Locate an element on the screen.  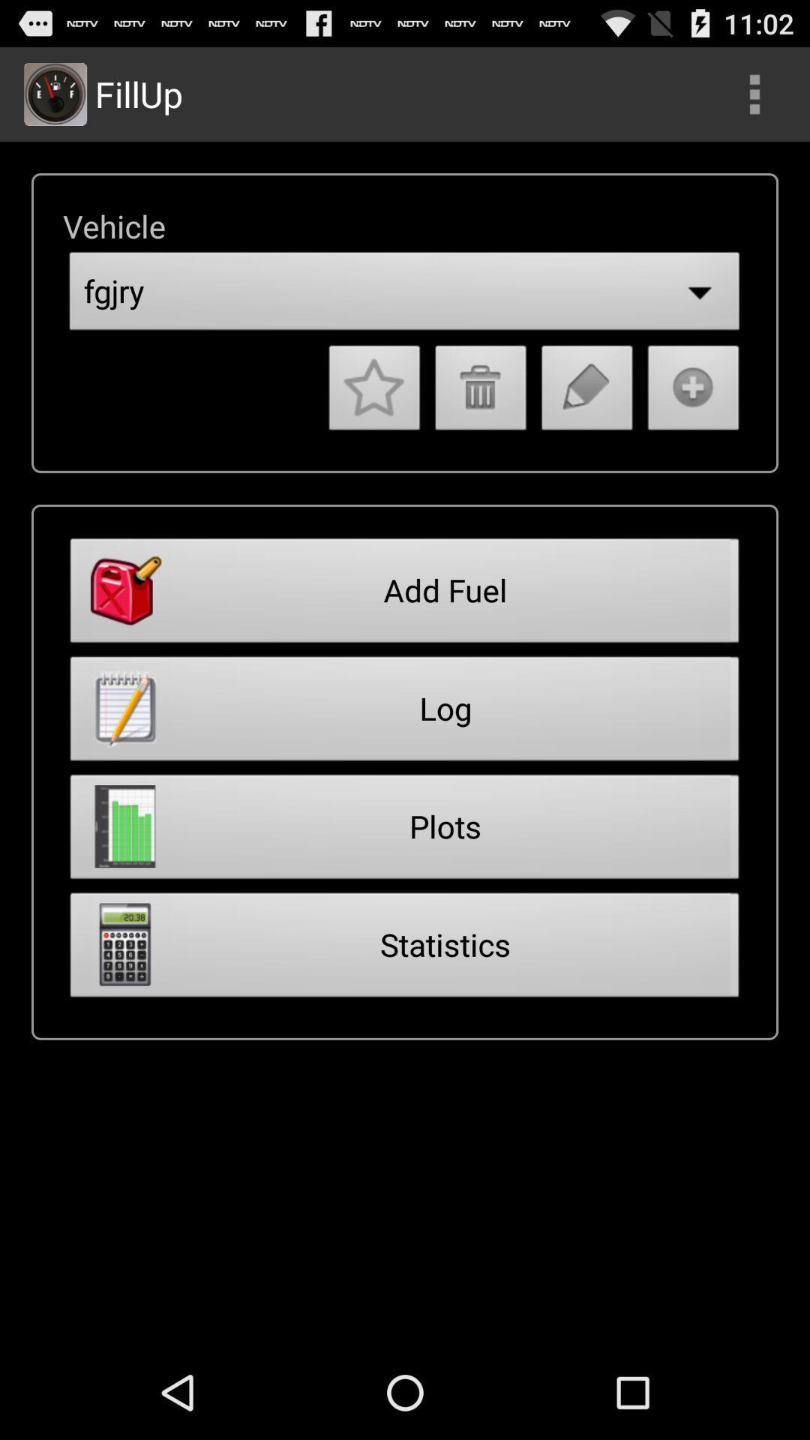
search is located at coordinates (754, 93).